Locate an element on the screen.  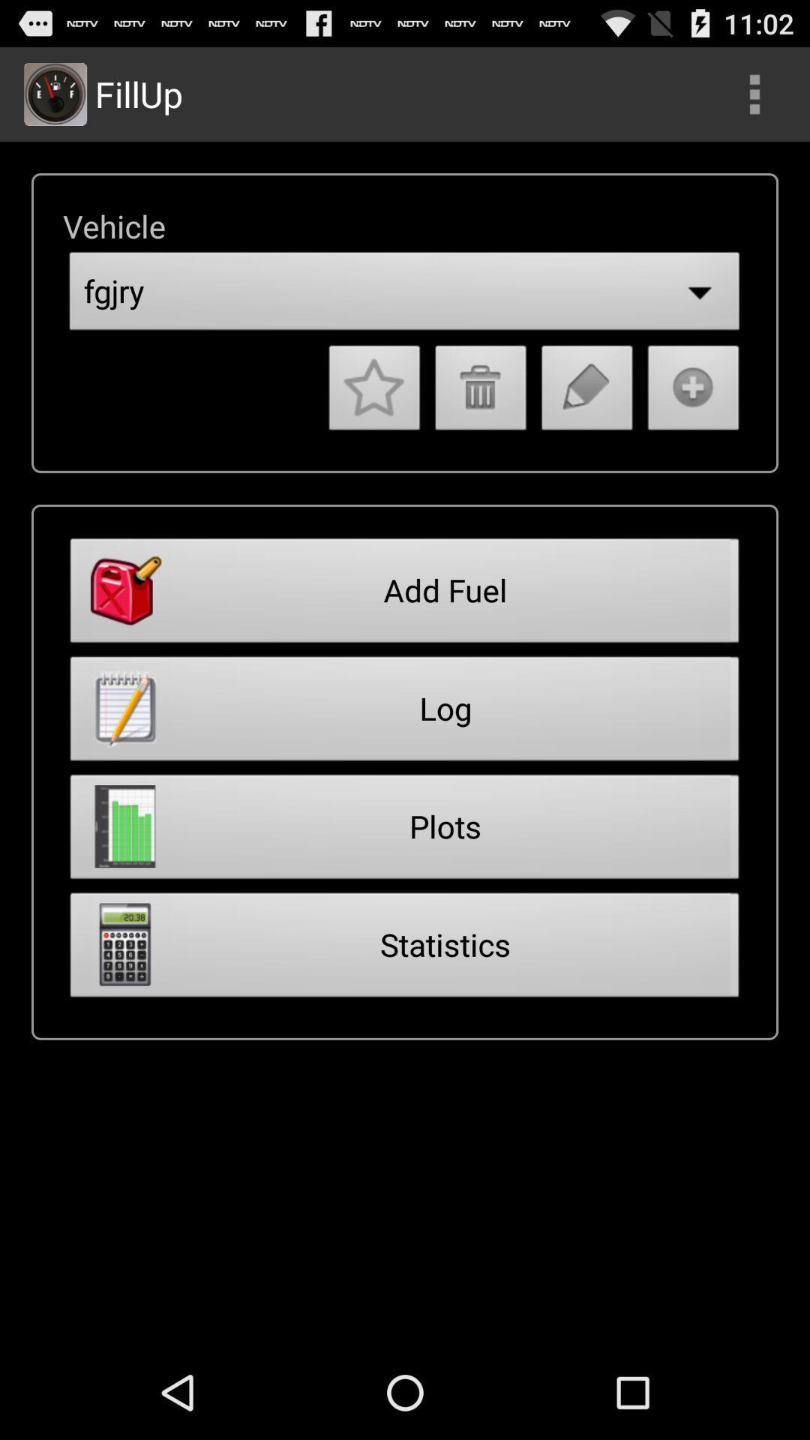
search is located at coordinates (754, 93).